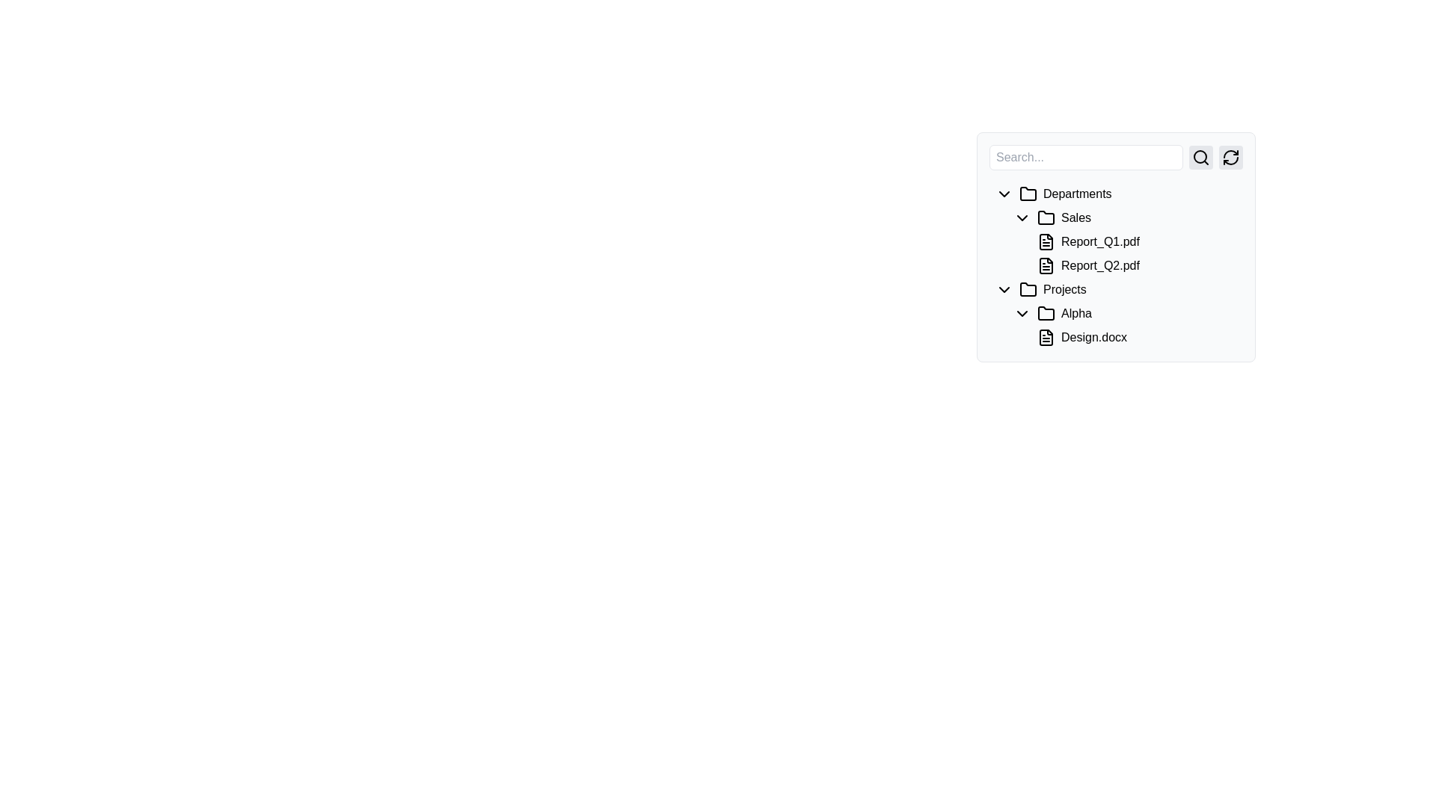 This screenshot has height=807, width=1436. I want to click on the file icon representing 'Report_Q2.pdf' located under the 'Sales' folder in the navigation interface, so click(1045, 265).